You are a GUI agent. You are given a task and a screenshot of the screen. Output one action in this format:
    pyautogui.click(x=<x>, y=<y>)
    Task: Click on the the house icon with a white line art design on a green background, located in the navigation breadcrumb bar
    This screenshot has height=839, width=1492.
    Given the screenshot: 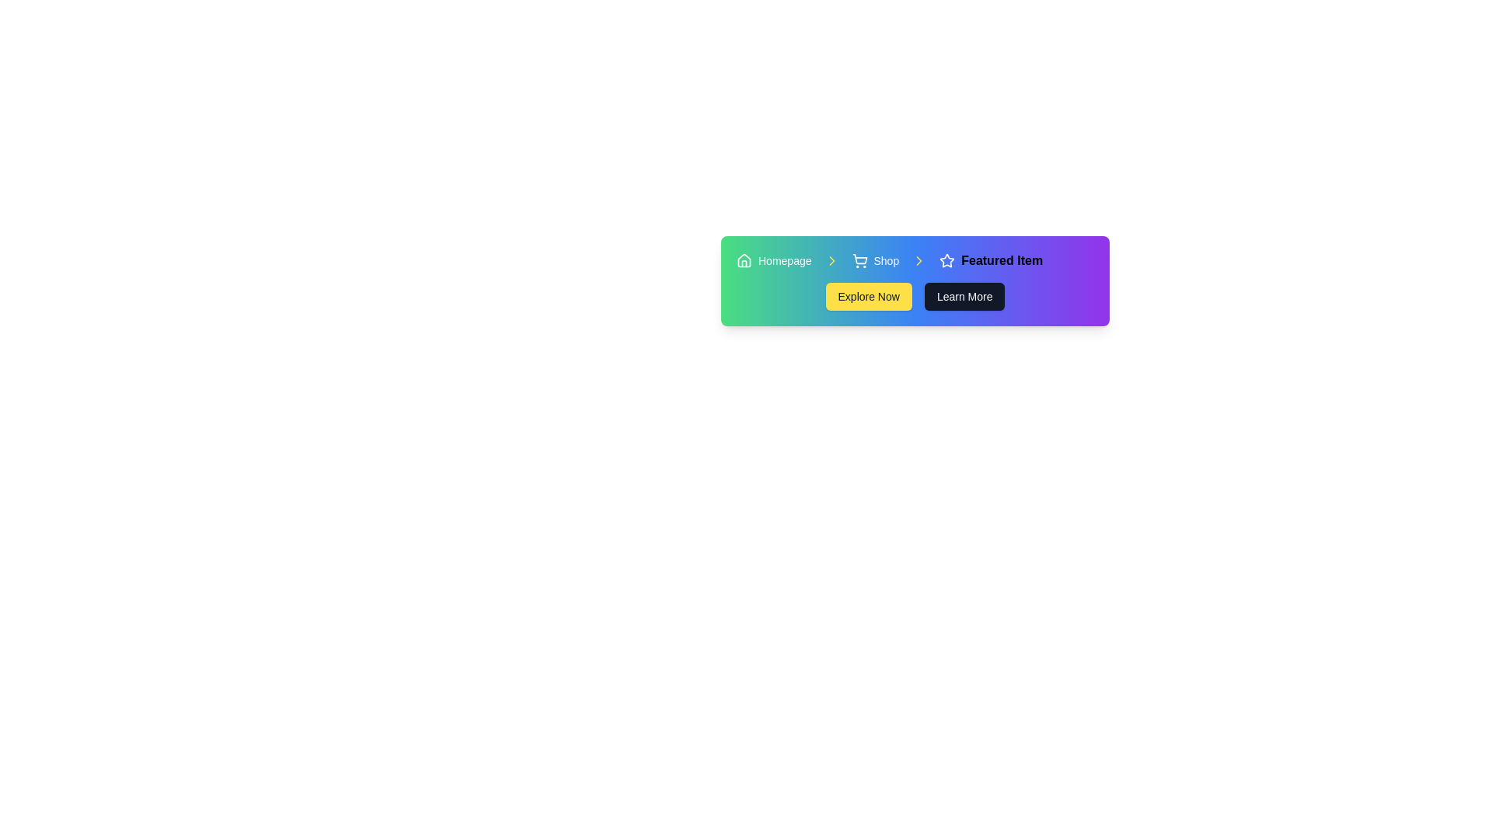 What is the action you would take?
    pyautogui.click(x=744, y=259)
    